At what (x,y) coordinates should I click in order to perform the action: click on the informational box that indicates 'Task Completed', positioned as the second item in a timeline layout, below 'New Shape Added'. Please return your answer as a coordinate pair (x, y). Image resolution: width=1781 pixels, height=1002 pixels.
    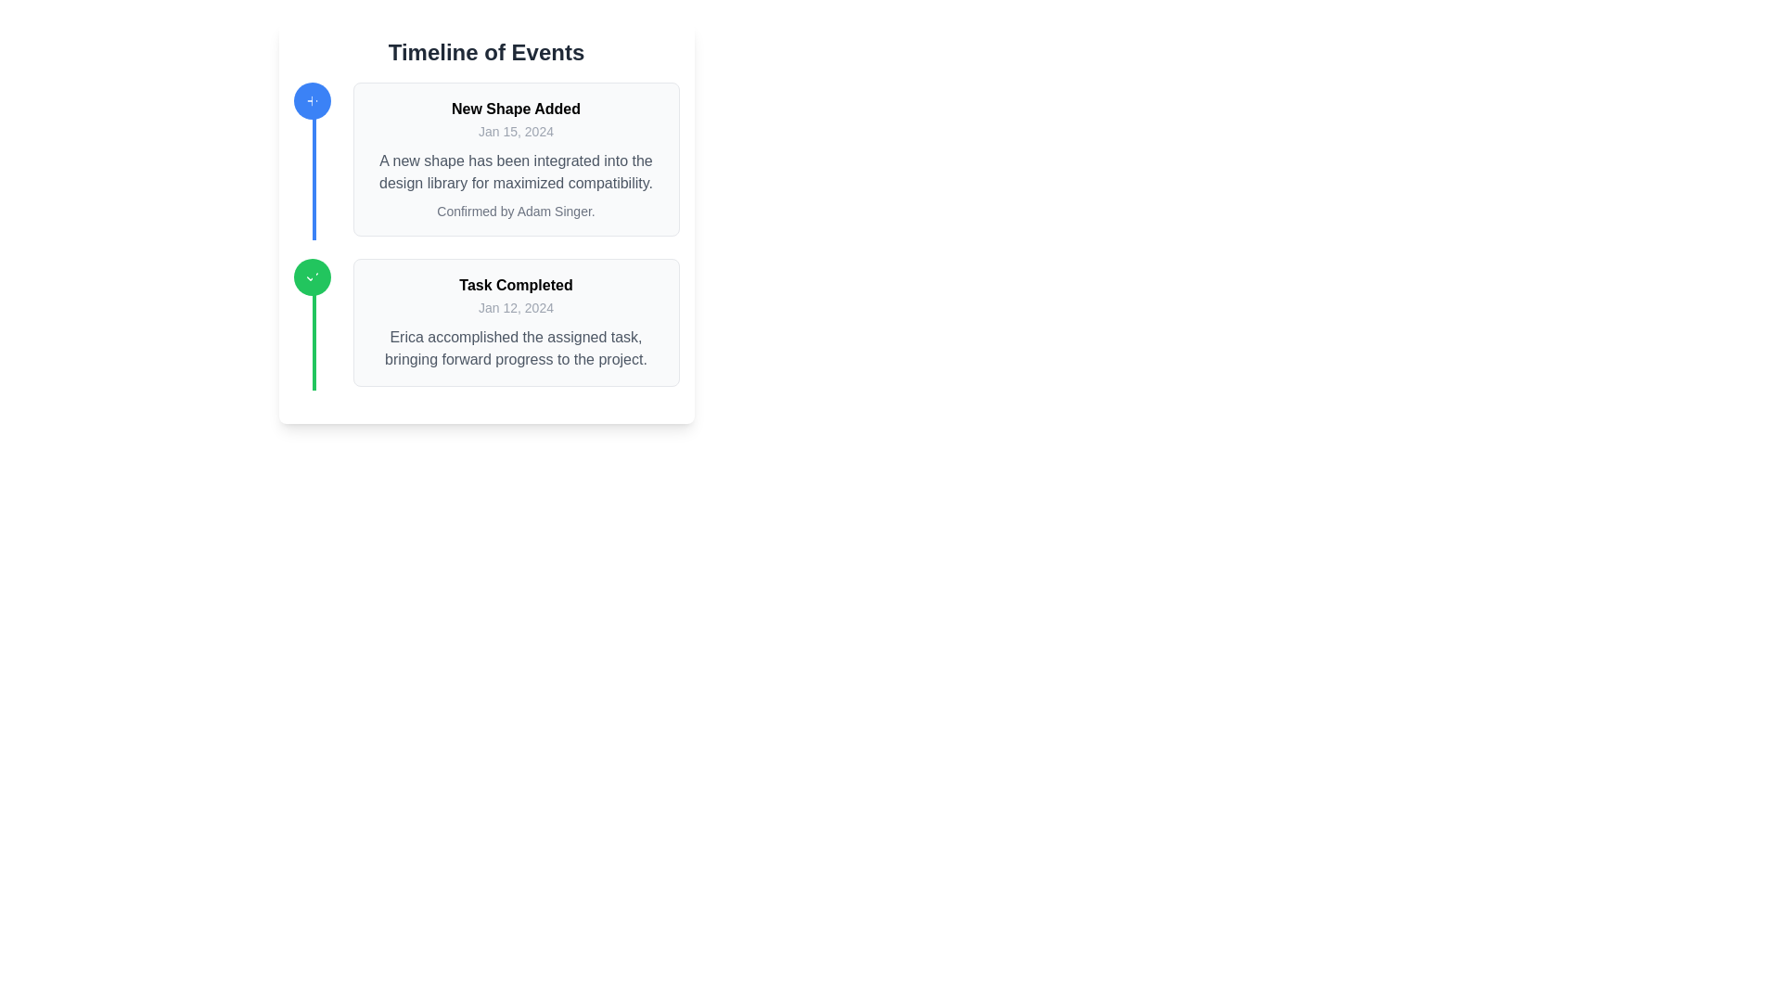
    Looking at the image, I should click on (516, 321).